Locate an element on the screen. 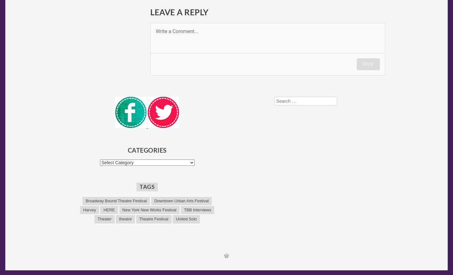 The height and width of the screenshot is (275, 453). 'Downtown Urban Arts Festival' is located at coordinates (154, 200).